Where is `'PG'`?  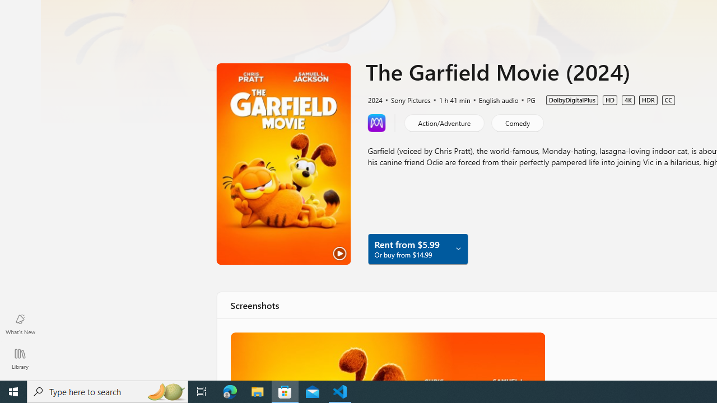 'PG' is located at coordinates (525, 99).